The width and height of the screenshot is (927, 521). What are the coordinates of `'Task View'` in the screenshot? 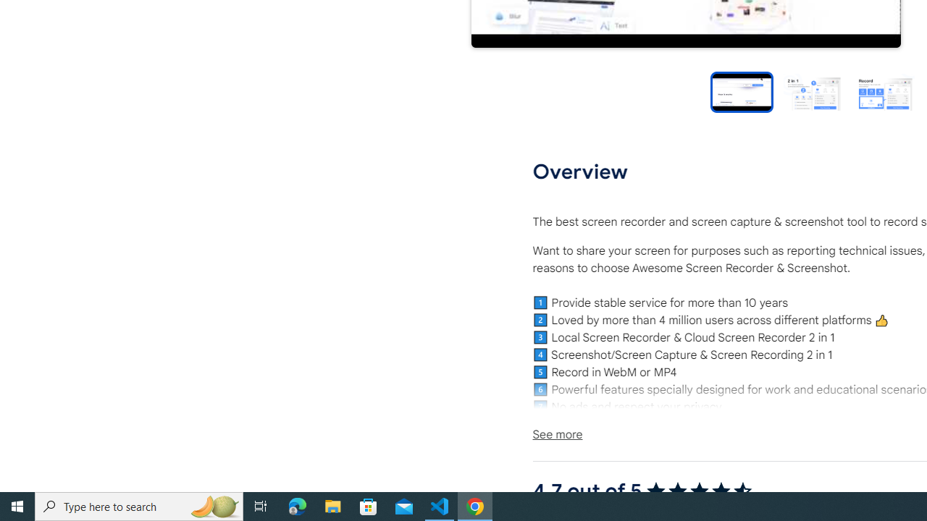 It's located at (260, 505).